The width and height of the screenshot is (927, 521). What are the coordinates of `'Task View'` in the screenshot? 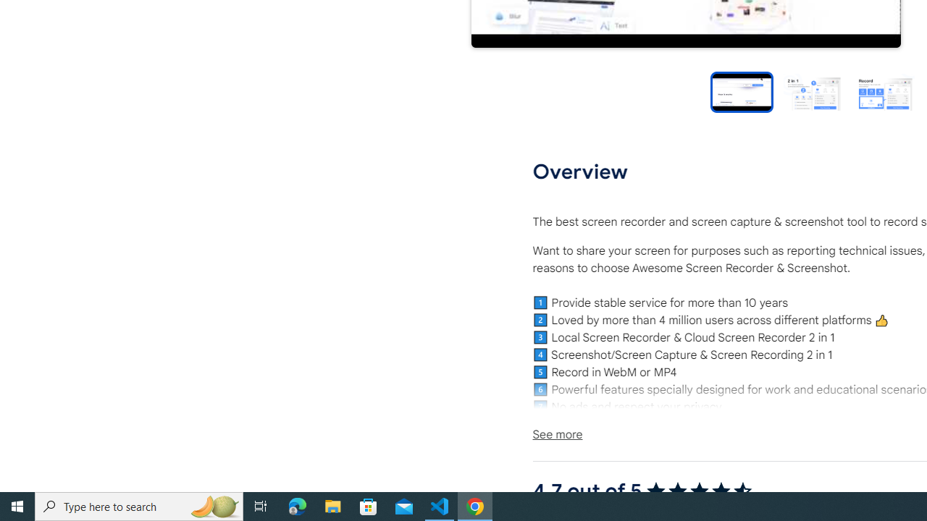 It's located at (260, 505).